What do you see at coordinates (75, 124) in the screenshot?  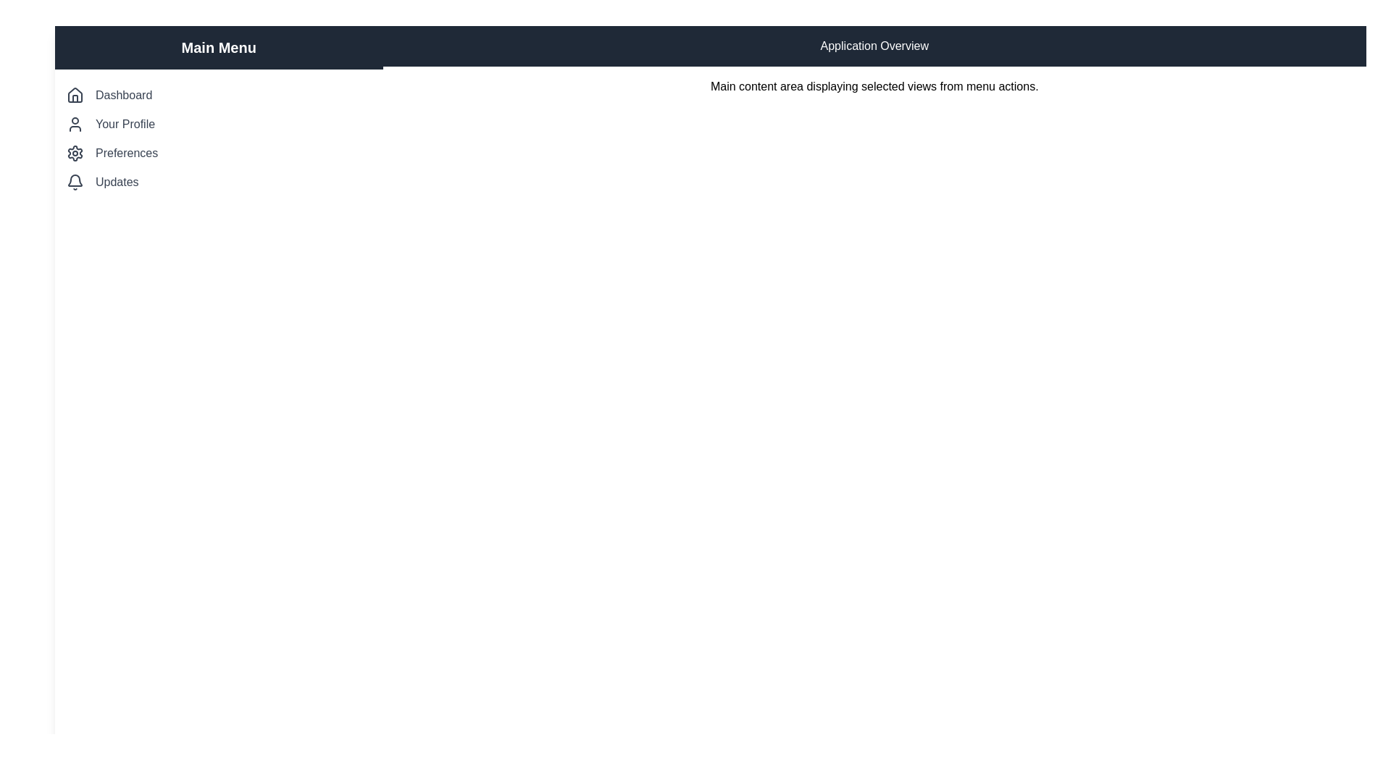 I see `the 'Your Profile' icon located in the sidebar menu, which is positioned to the left of the accompanying text 'Your Profile'` at bounding box center [75, 124].